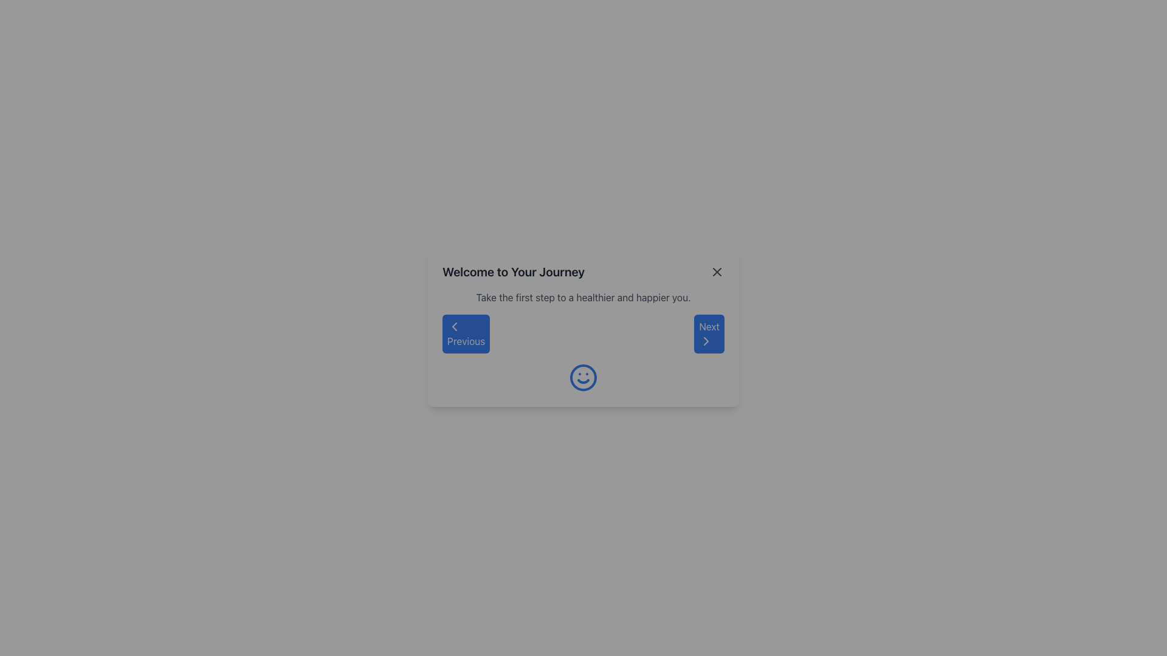 The image size is (1167, 656). Describe the element at coordinates (583, 377) in the screenshot. I see `decorative circle element that forms the outer boundary of the smiley face graphic within the 'Welcome to Your Journey' dialog box for design purposes` at that location.